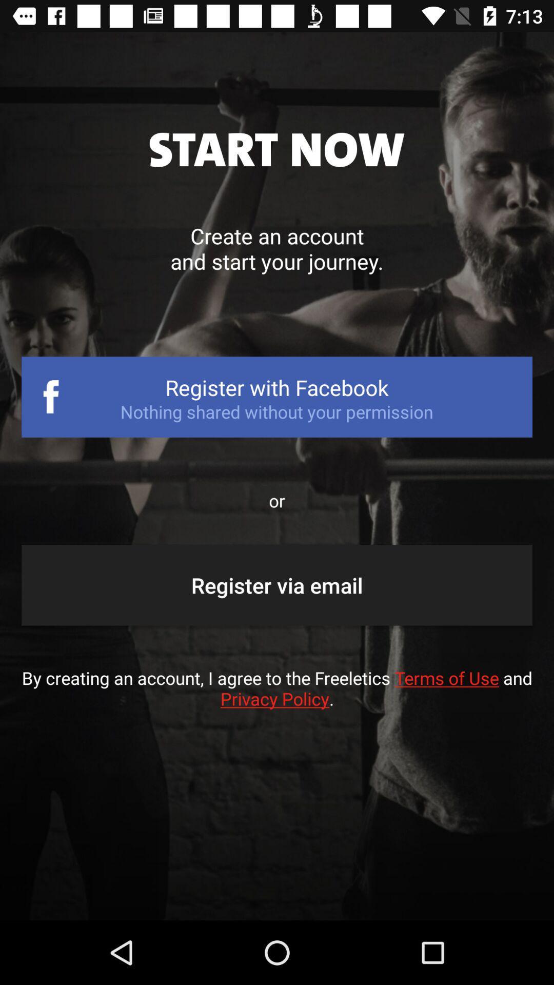 The width and height of the screenshot is (554, 985). What do you see at coordinates (277, 698) in the screenshot?
I see `by creating an icon` at bounding box center [277, 698].